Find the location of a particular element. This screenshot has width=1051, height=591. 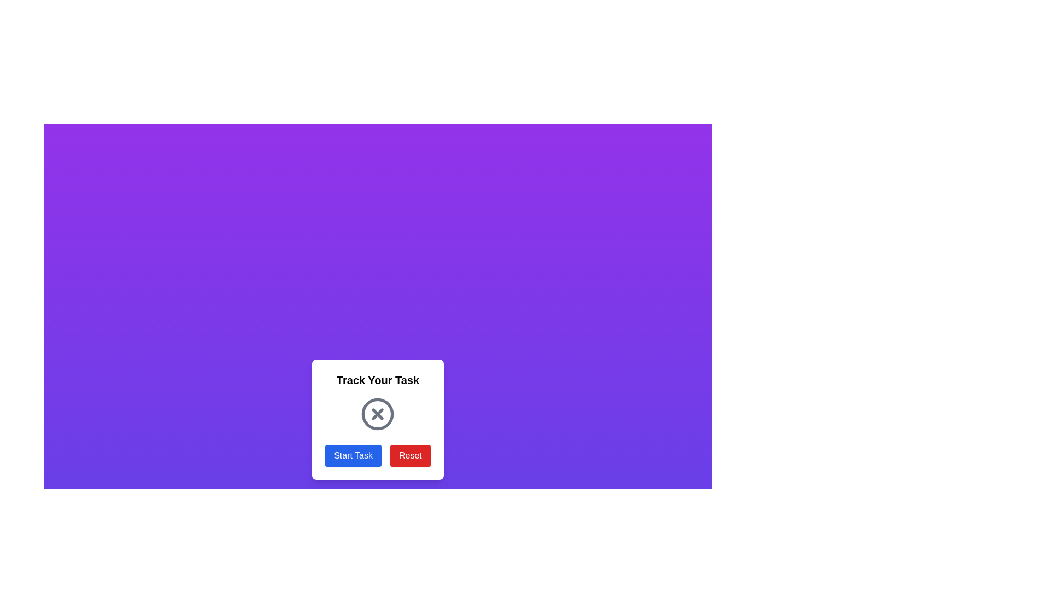

the 'Start Task' button, which is the left button in the button group styled with a blue background and white text, to initiate the task is located at coordinates (378, 456).